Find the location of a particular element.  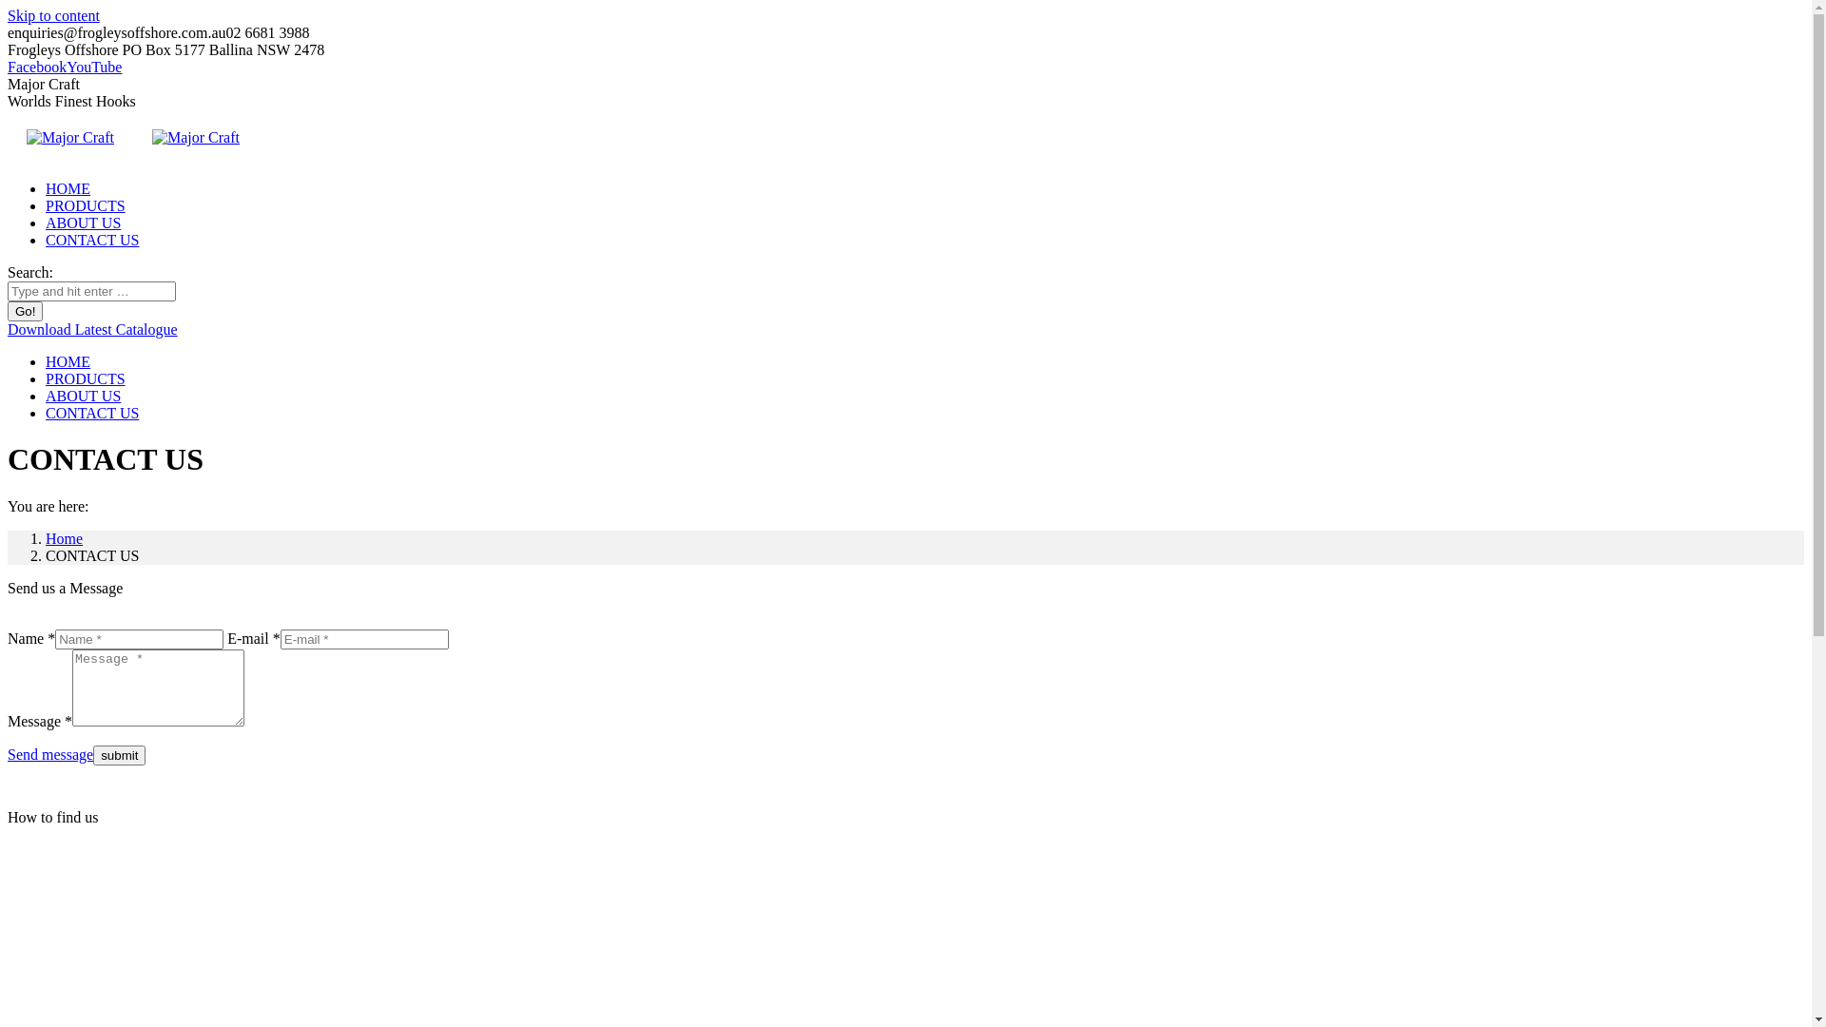

'ABOUT US' is located at coordinates (82, 395).